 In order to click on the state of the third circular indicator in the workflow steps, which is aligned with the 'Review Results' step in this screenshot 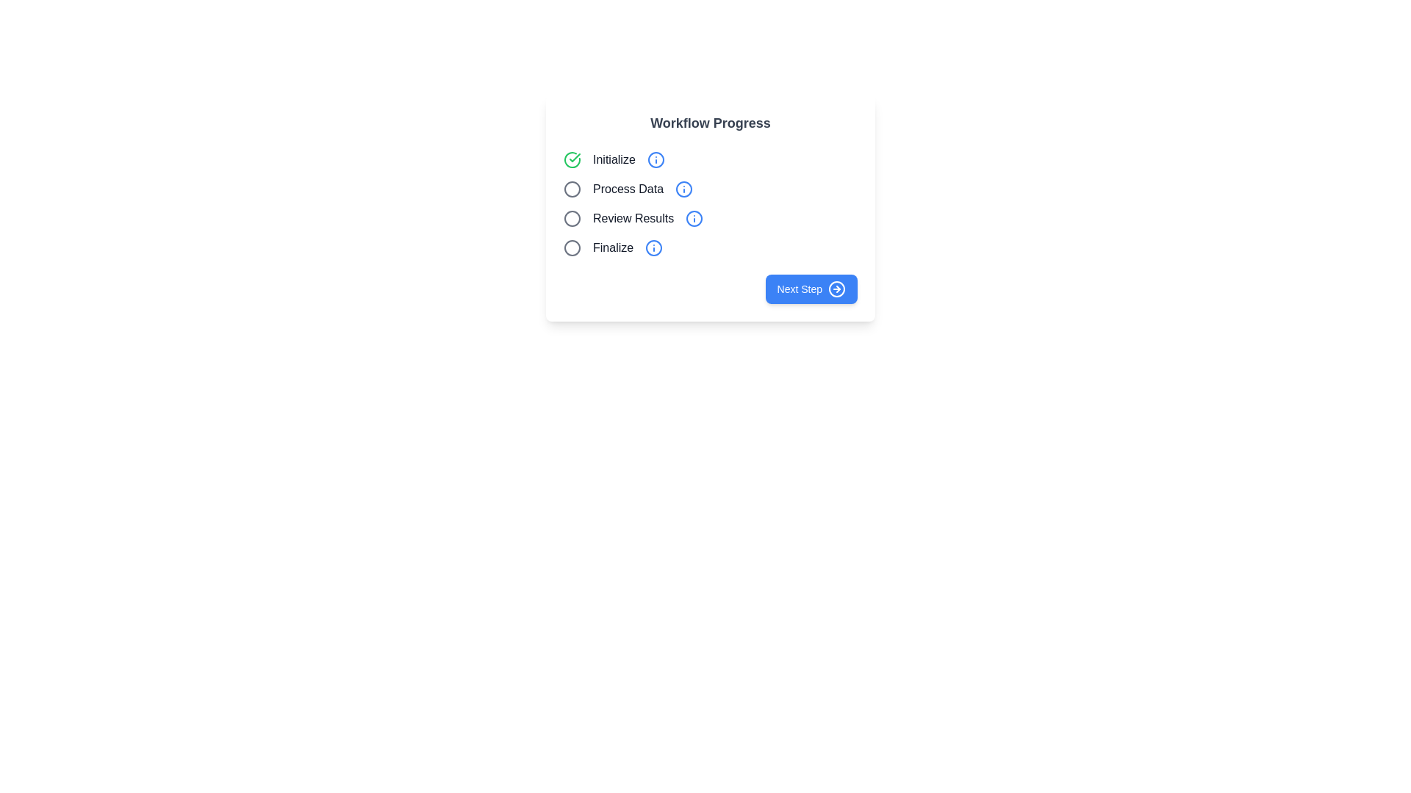, I will do `click(571, 218)`.